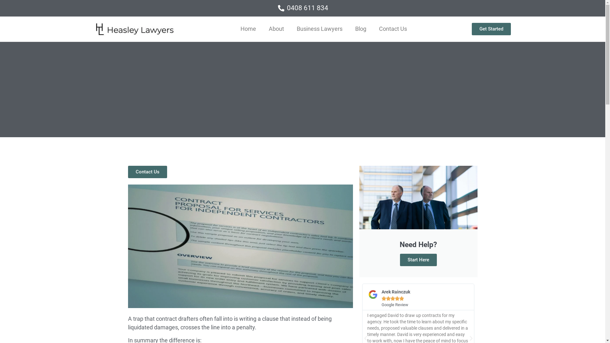 This screenshot has width=610, height=343. I want to click on 'About', so click(276, 29).